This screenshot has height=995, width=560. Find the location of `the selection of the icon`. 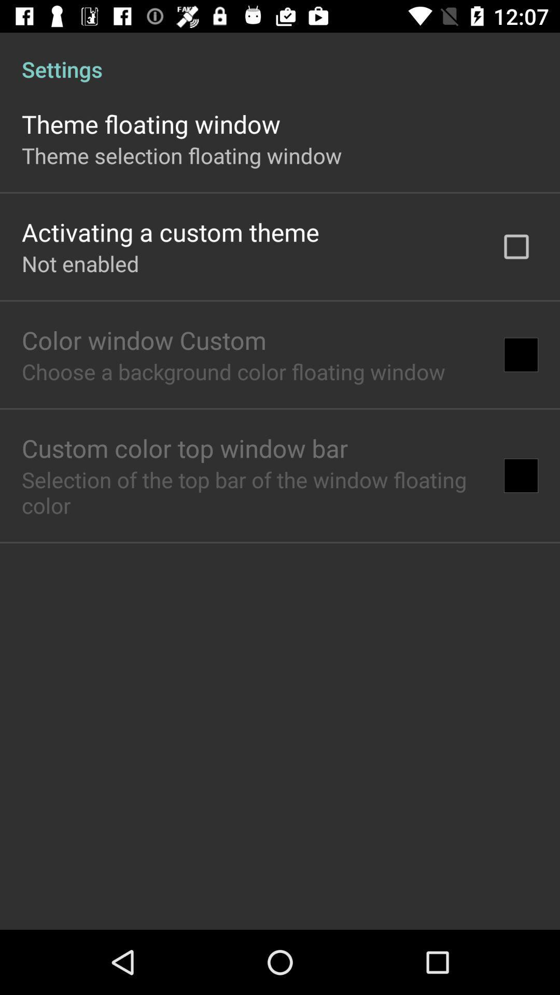

the selection of the icon is located at coordinates (252, 492).